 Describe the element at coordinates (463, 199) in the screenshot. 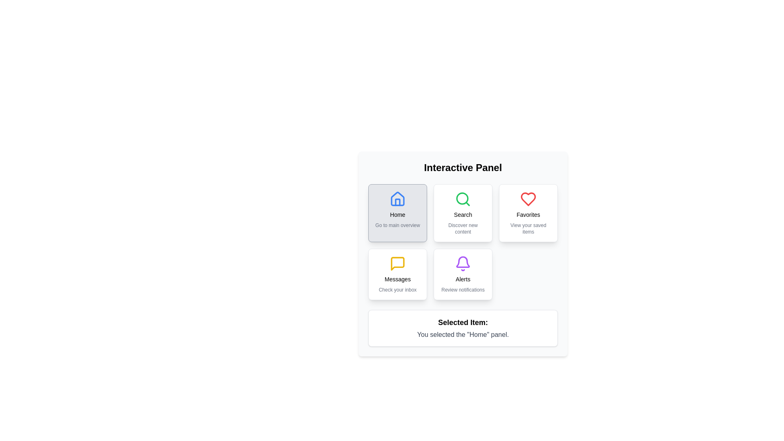

I see `the search icon with a green outline, which consists of a circle and a magnifying handle, located at the center of the top row in the interactive panel` at that location.